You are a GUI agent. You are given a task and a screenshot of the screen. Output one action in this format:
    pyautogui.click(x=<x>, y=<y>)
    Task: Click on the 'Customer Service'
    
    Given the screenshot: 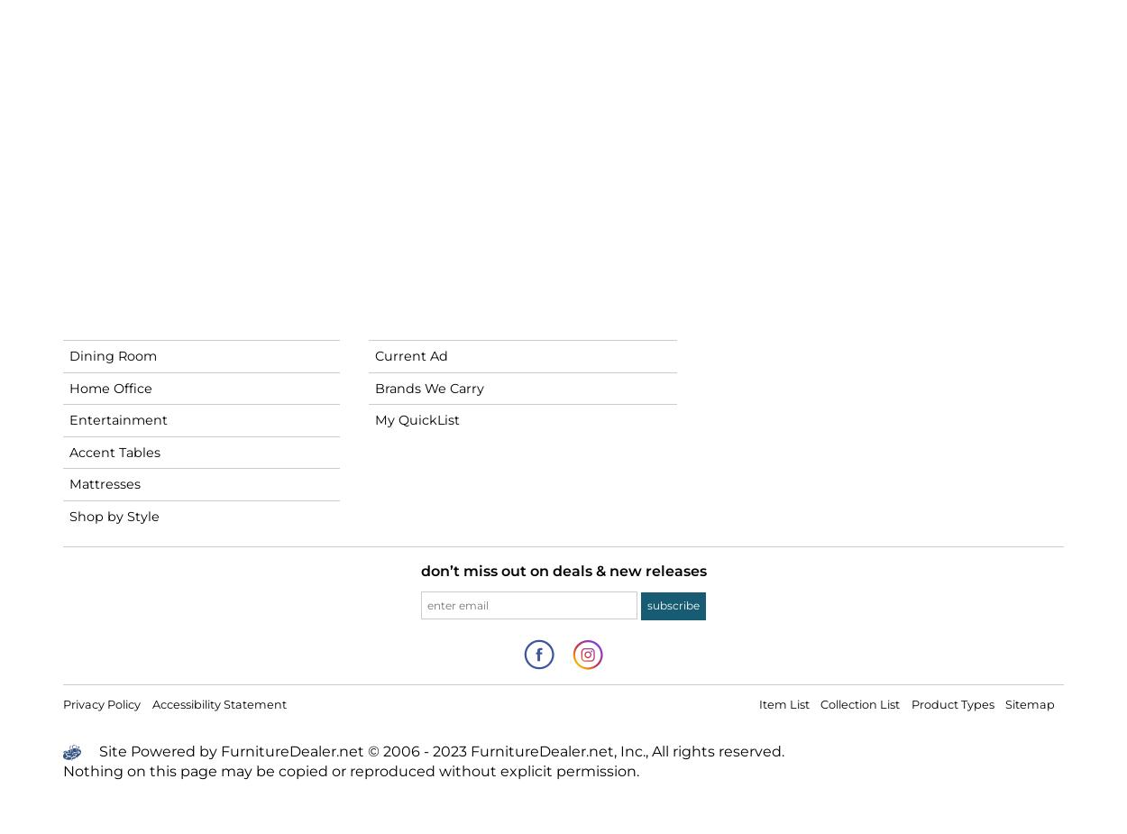 What is the action you would take?
    pyautogui.click(x=791, y=246)
    